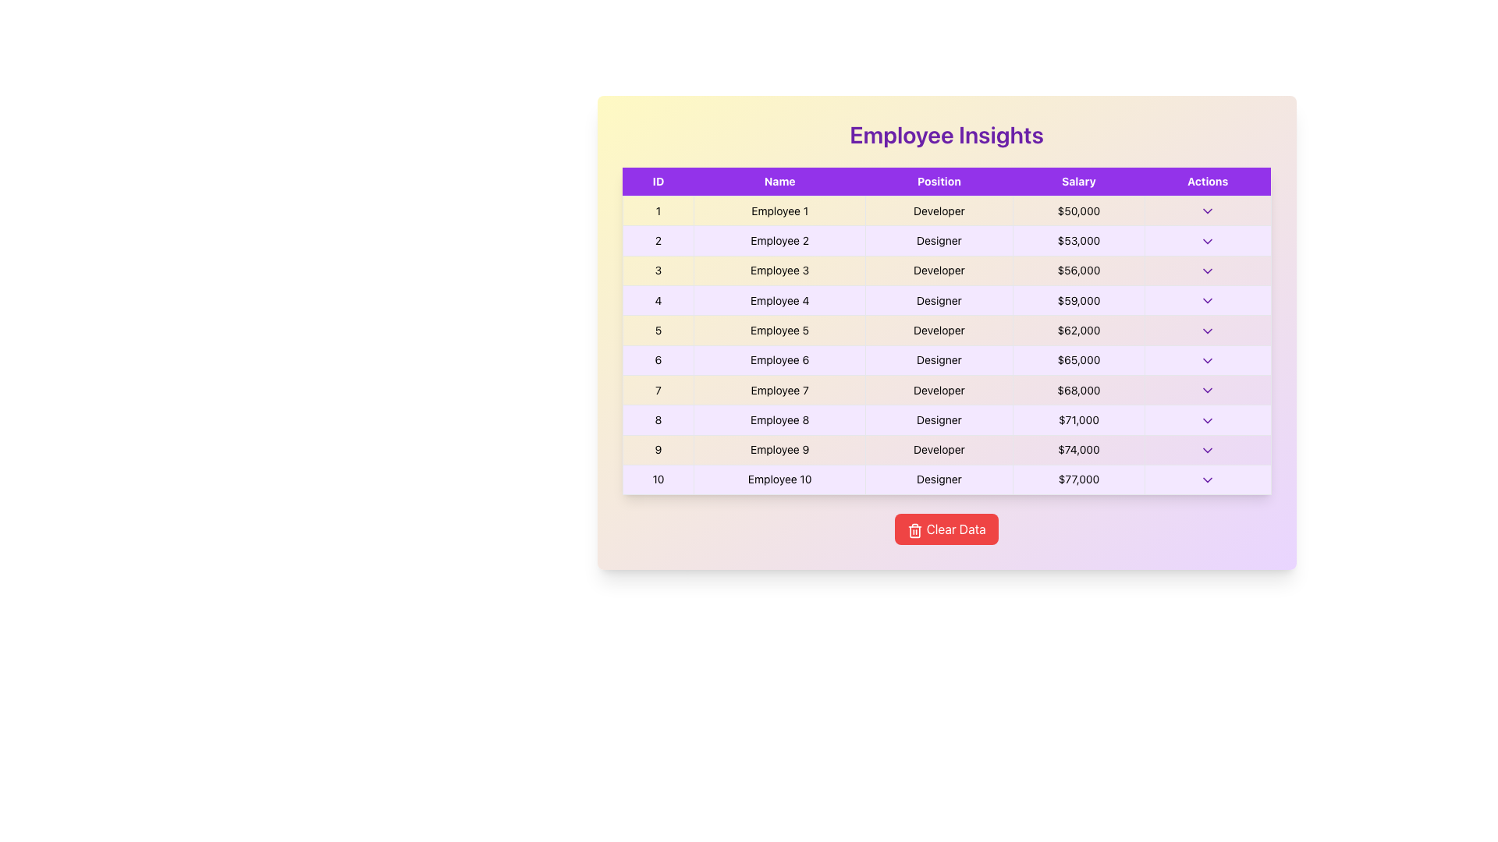 The width and height of the screenshot is (1498, 842). Describe the element at coordinates (658, 450) in the screenshot. I see `the table cell containing the text '9' located in the 9th row under the 'ID' column to interact with it` at that location.